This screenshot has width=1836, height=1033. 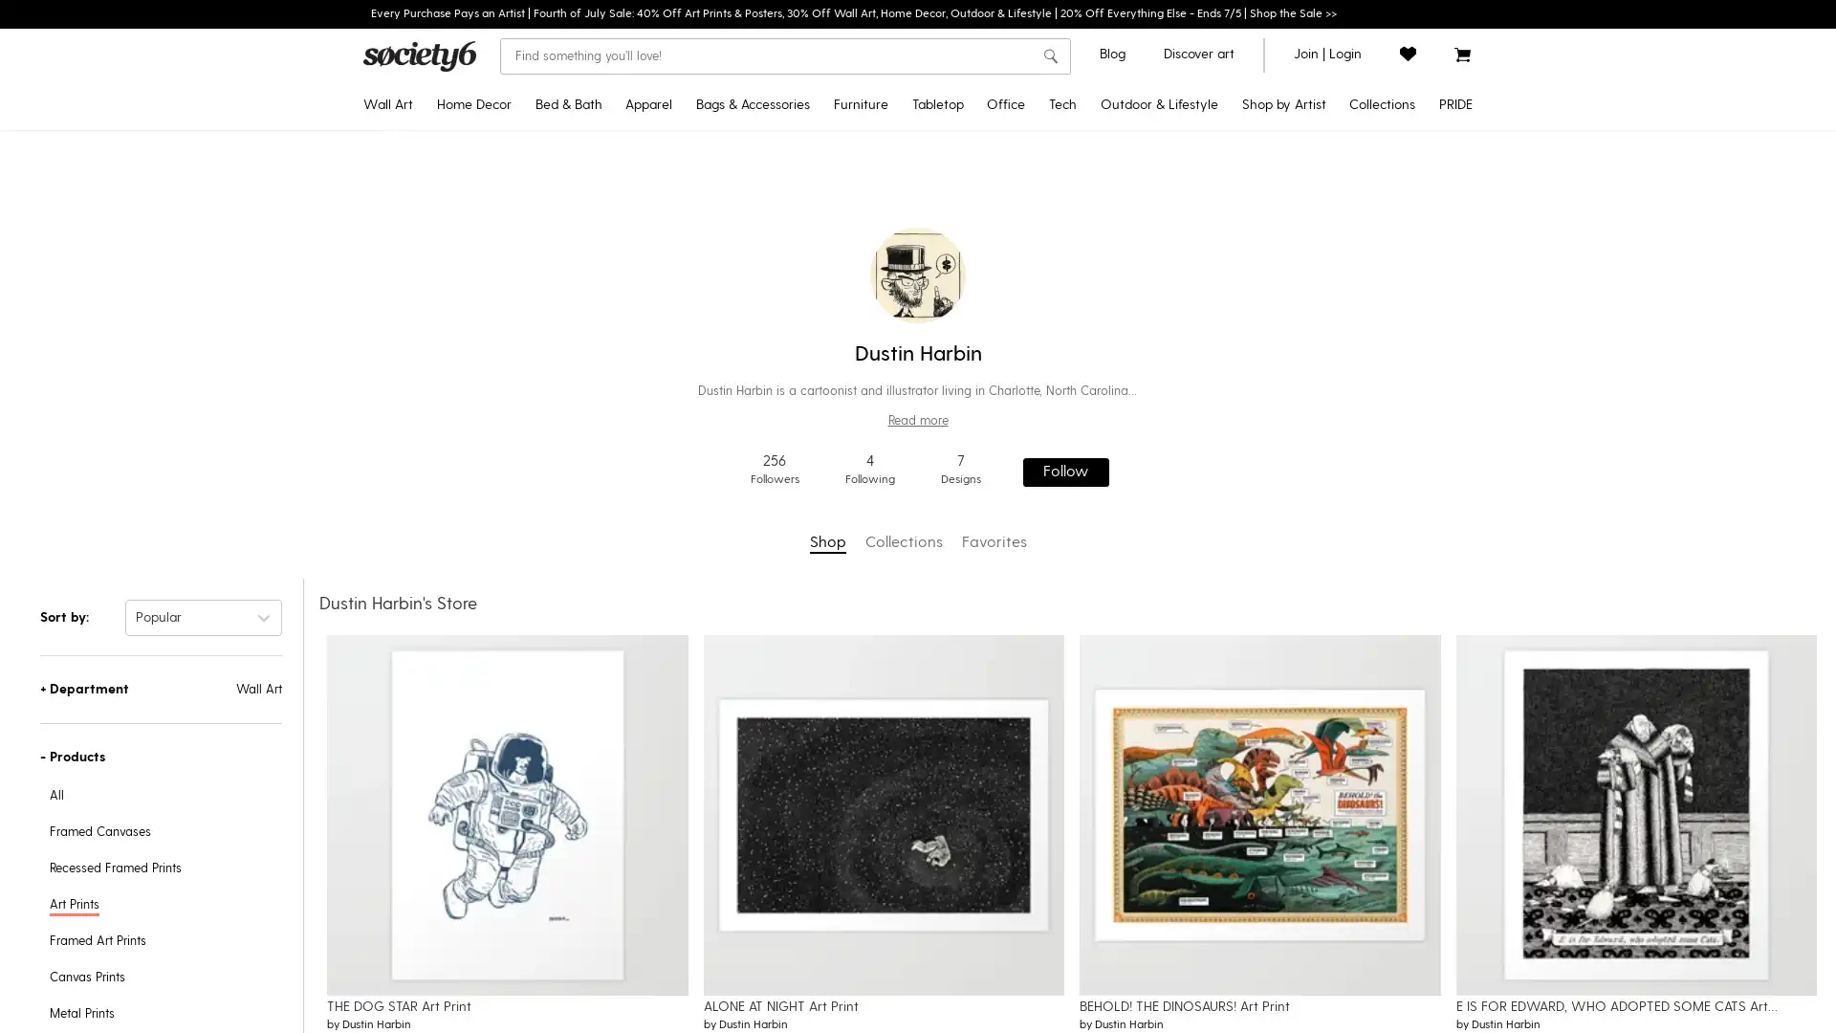 What do you see at coordinates (1311, 246) in the screenshot?
I see `Discover Black Artists` at bounding box center [1311, 246].